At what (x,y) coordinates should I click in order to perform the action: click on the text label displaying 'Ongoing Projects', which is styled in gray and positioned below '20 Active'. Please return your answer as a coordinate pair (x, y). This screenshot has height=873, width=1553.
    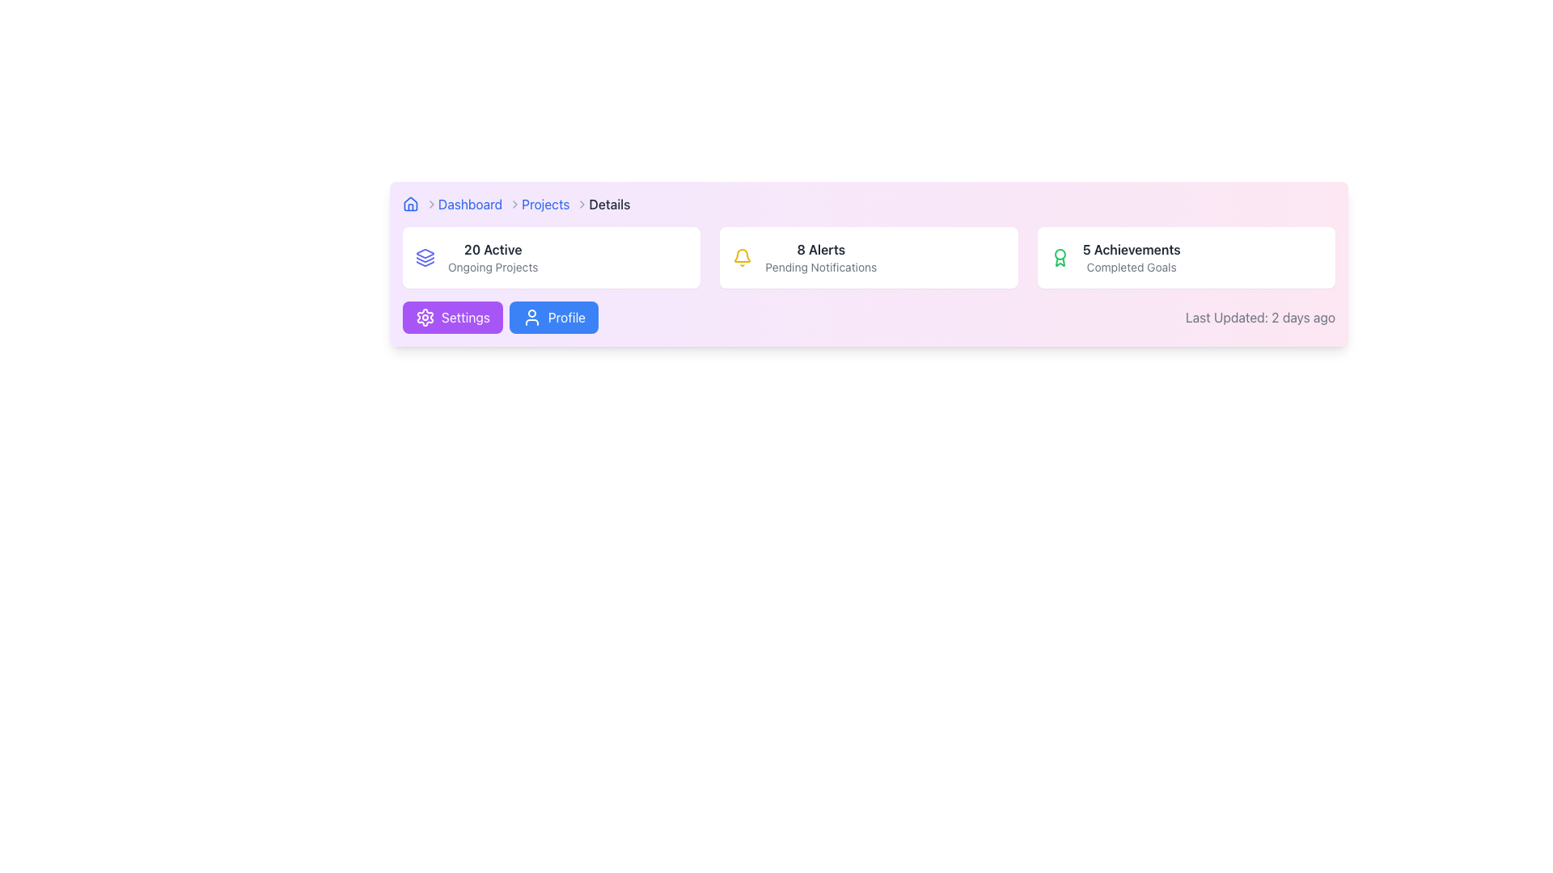
    Looking at the image, I should click on (492, 267).